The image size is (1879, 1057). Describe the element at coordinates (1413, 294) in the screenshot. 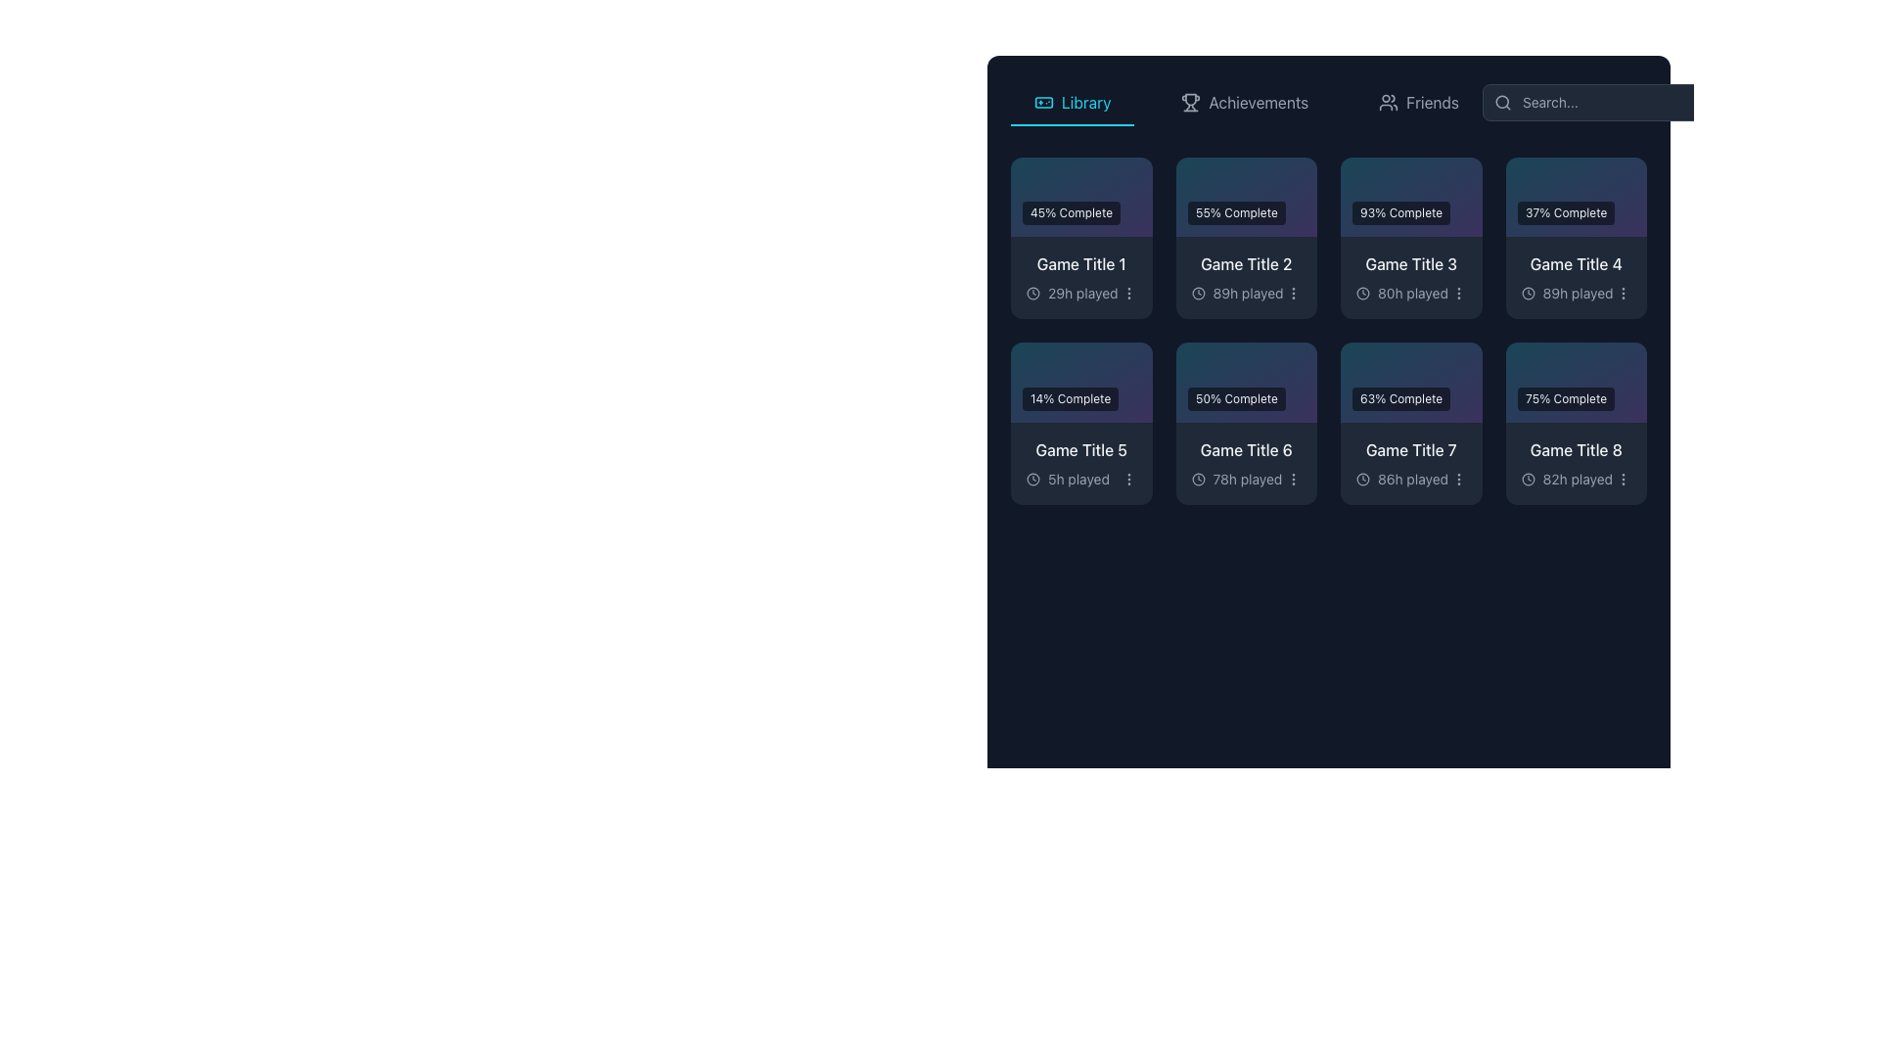

I see `text label that displays the amount of time played (80 hours) for 'Game Title 3' located in the Library section, positioned to the right of the clock icon` at that location.